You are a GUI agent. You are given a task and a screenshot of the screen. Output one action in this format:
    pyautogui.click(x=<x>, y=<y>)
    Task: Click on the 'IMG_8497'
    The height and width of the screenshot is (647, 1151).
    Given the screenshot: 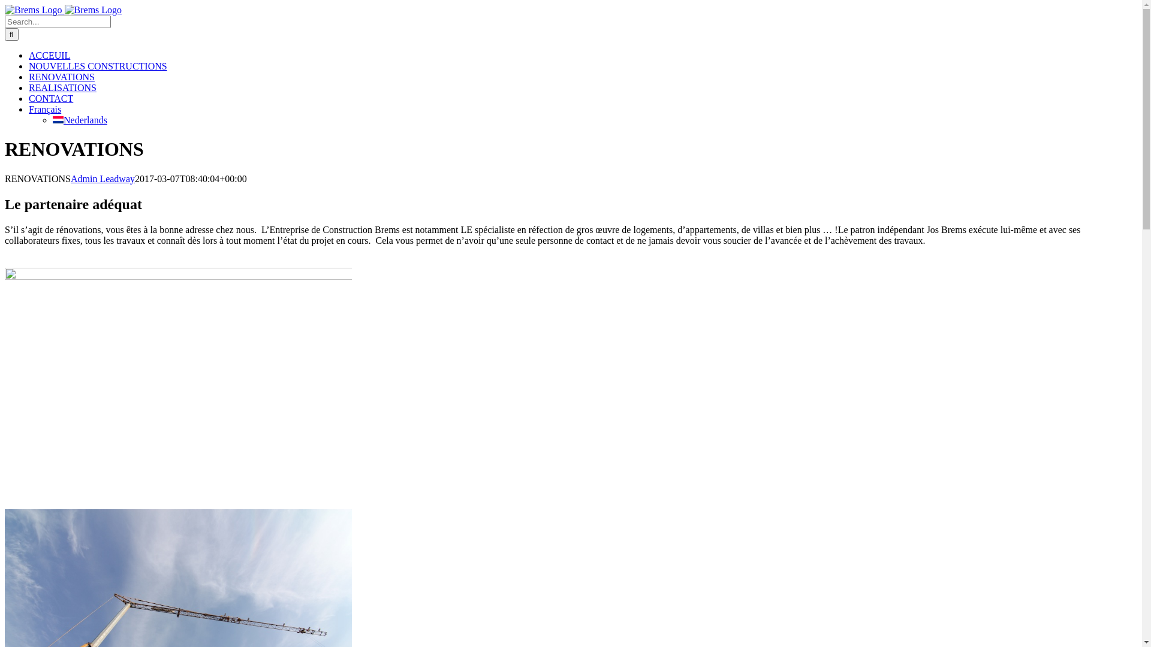 What is the action you would take?
    pyautogui.click(x=177, y=276)
    